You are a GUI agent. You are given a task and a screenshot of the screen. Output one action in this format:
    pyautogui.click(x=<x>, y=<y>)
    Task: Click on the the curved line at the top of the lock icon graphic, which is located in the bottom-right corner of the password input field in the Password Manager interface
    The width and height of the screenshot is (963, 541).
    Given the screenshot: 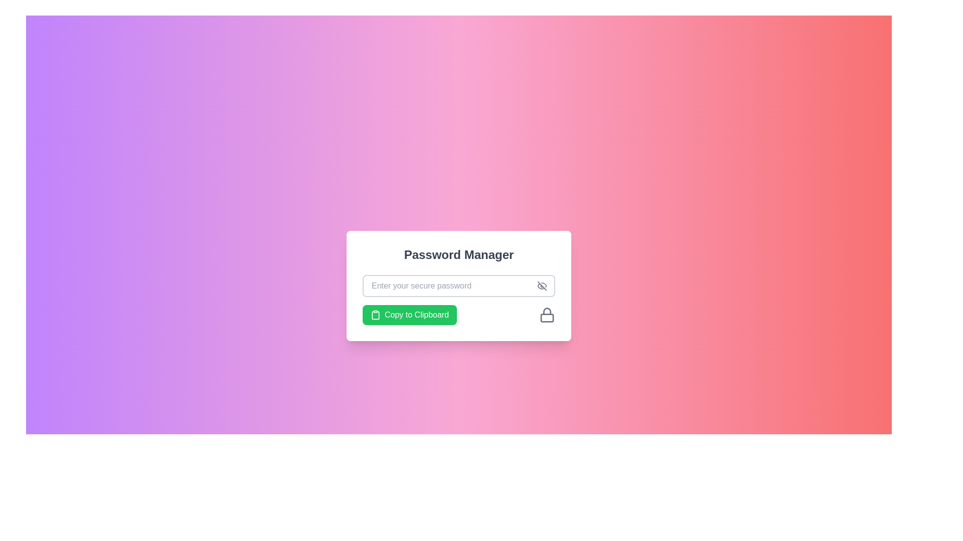 What is the action you would take?
    pyautogui.click(x=546, y=311)
    